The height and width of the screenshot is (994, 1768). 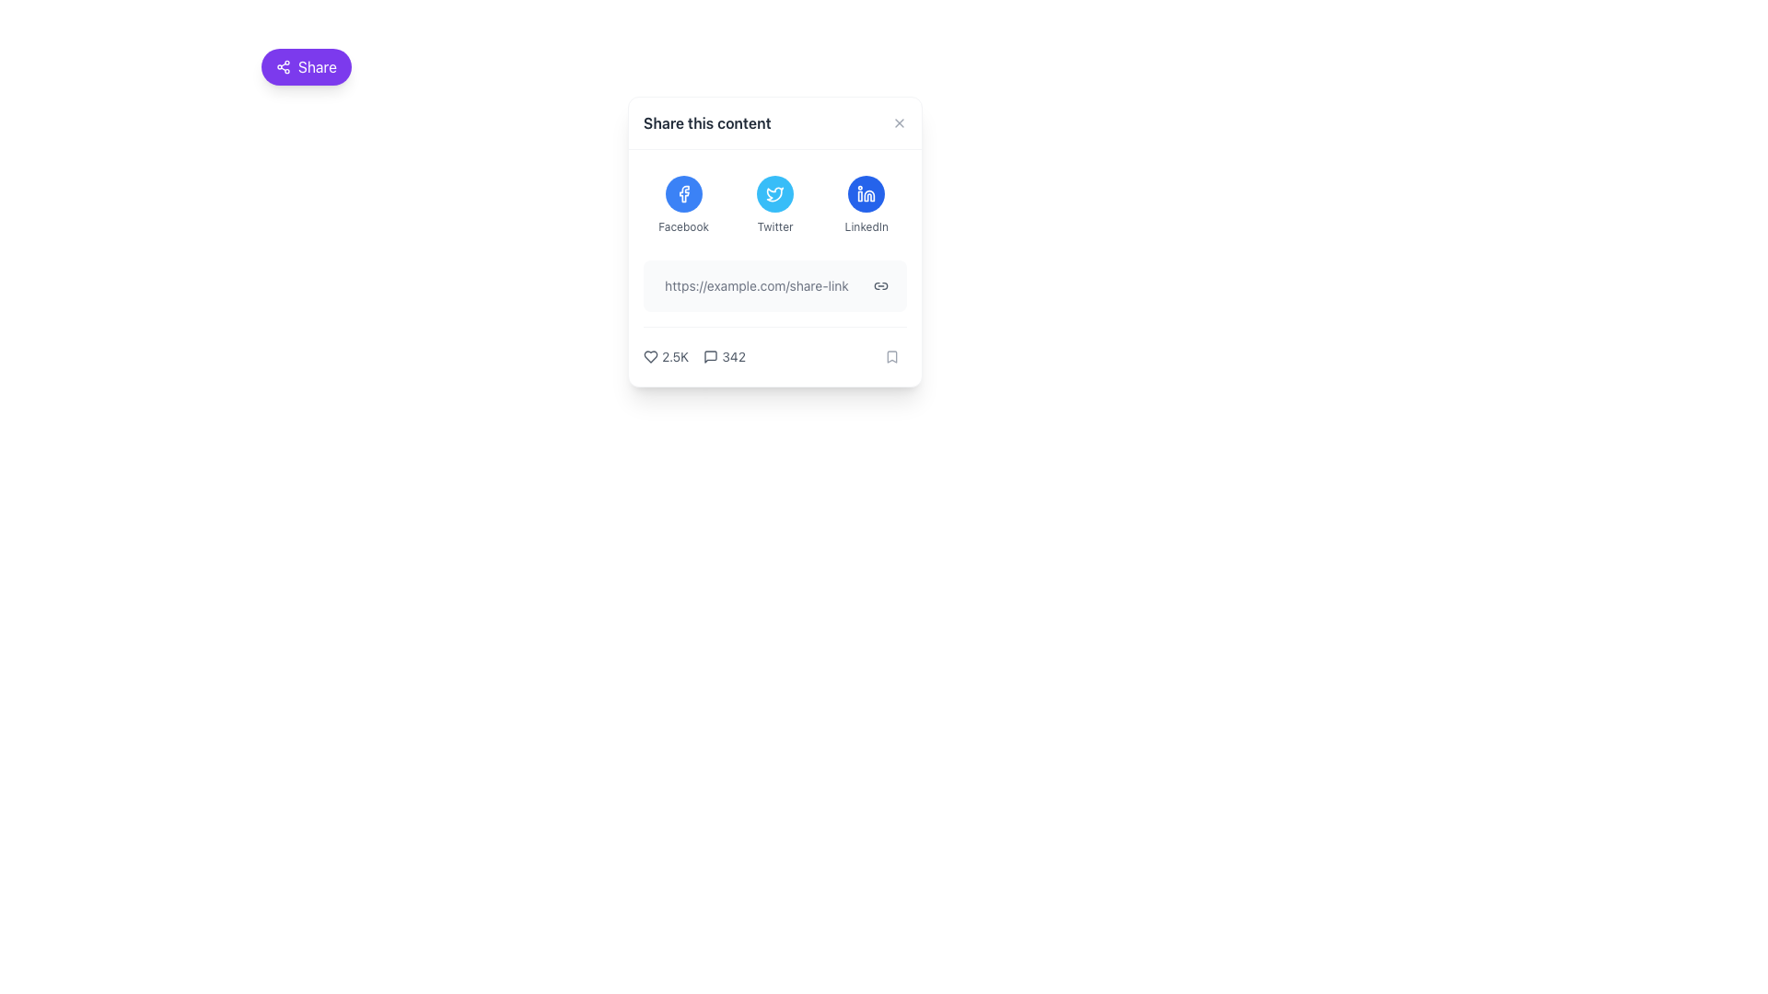 I want to click on the heart-shaped like icon which indicates the favorite interaction, located to the left of the numeric text '2.5K', so click(x=650, y=357).